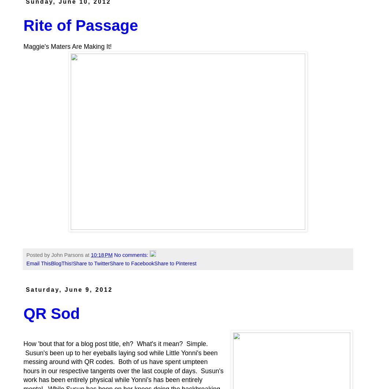 The width and height of the screenshot is (373, 389). I want to click on 'at', so click(88, 255).